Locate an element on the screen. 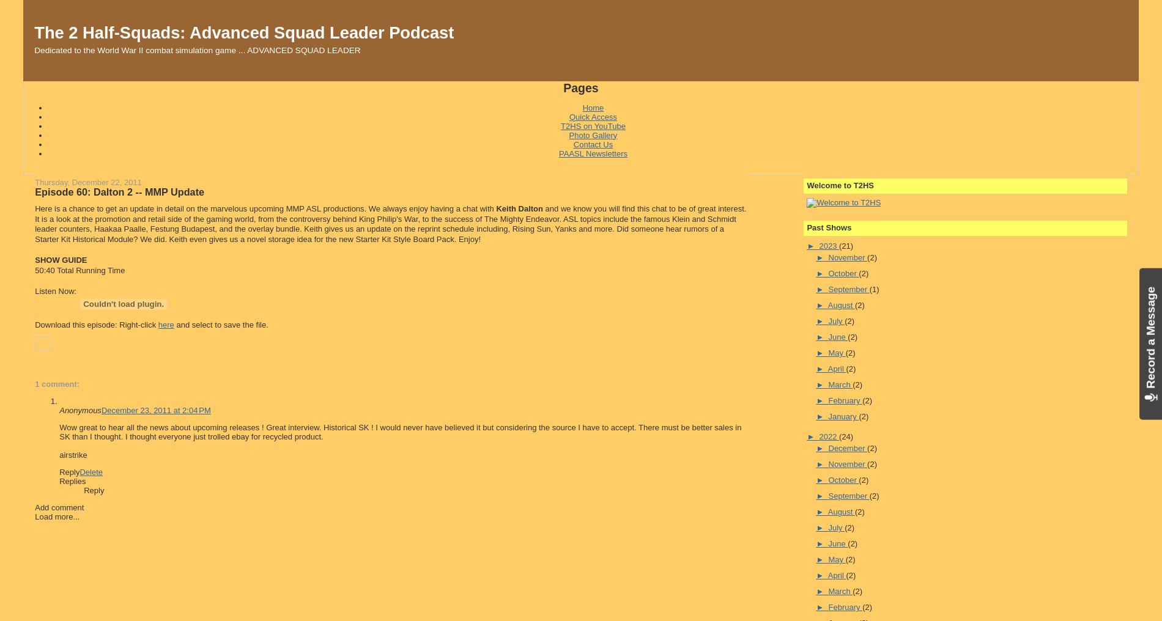  'airstrike' is located at coordinates (73, 455).